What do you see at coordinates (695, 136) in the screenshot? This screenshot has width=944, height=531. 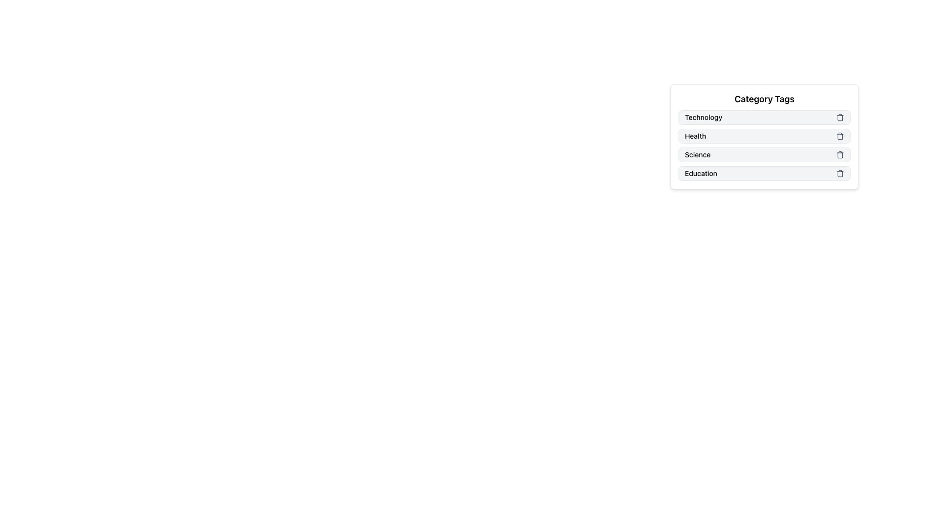 I see `the text label that identifies the category item in the 'Category Tags' panel, which is the second item in a vertical list` at bounding box center [695, 136].